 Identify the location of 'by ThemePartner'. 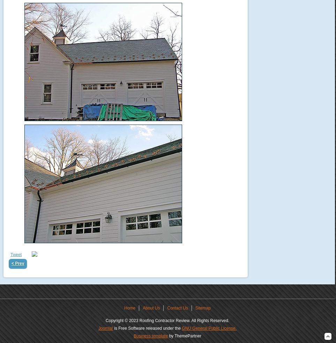
(184, 335).